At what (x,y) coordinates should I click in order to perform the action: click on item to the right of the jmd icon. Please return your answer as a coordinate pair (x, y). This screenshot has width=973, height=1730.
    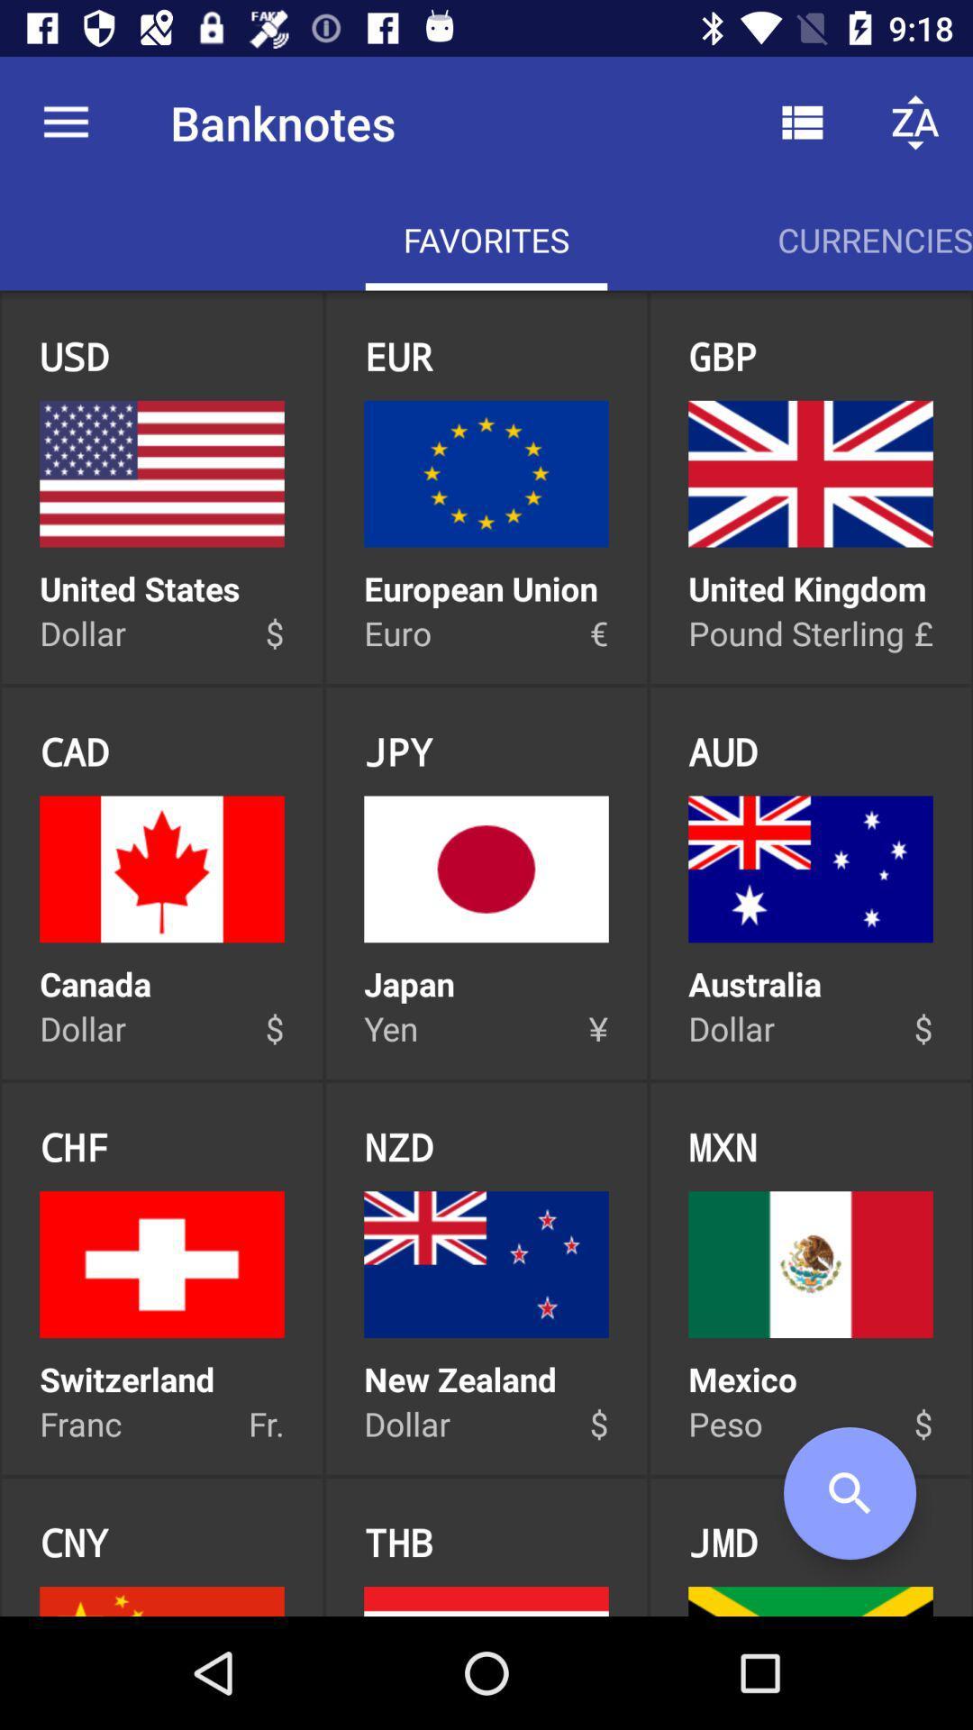
    Looking at the image, I should click on (850, 1493).